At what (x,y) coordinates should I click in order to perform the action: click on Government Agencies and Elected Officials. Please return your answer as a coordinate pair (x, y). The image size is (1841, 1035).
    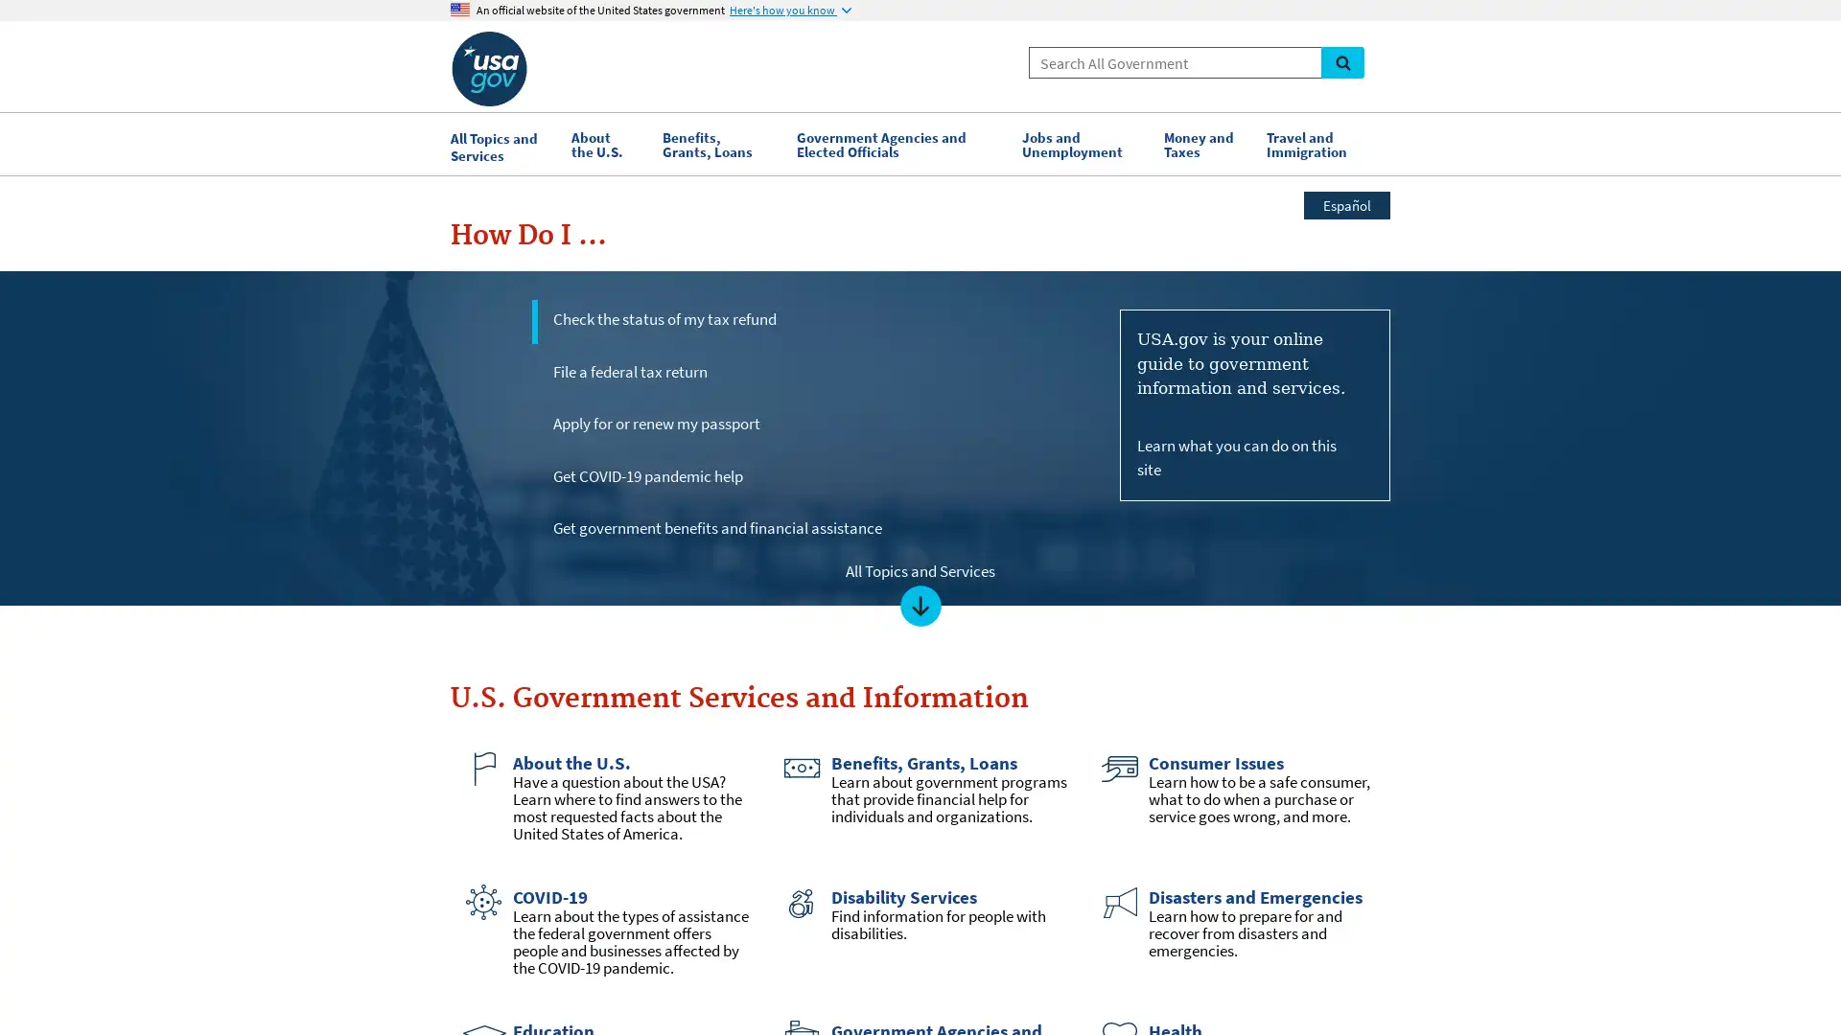
    Looking at the image, I should click on (897, 143).